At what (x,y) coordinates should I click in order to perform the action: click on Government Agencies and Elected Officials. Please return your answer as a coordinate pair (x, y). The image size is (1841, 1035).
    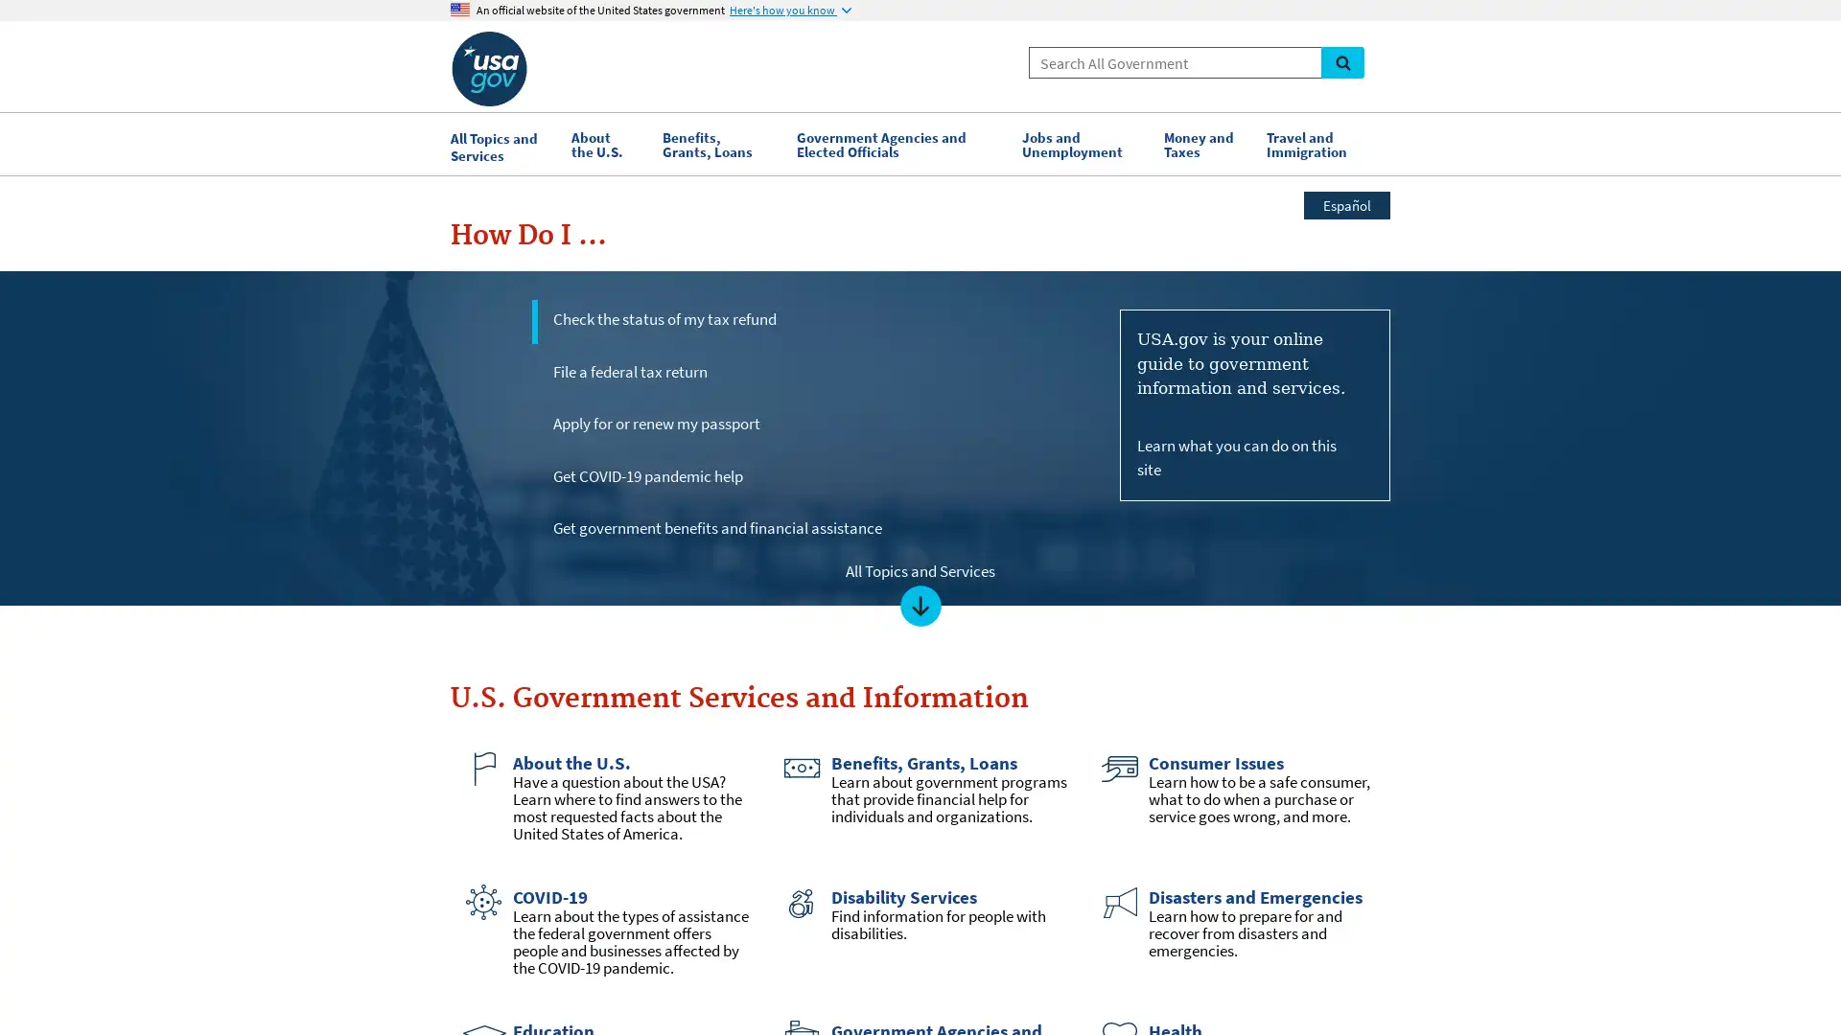
    Looking at the image, I should click on (897, 143).